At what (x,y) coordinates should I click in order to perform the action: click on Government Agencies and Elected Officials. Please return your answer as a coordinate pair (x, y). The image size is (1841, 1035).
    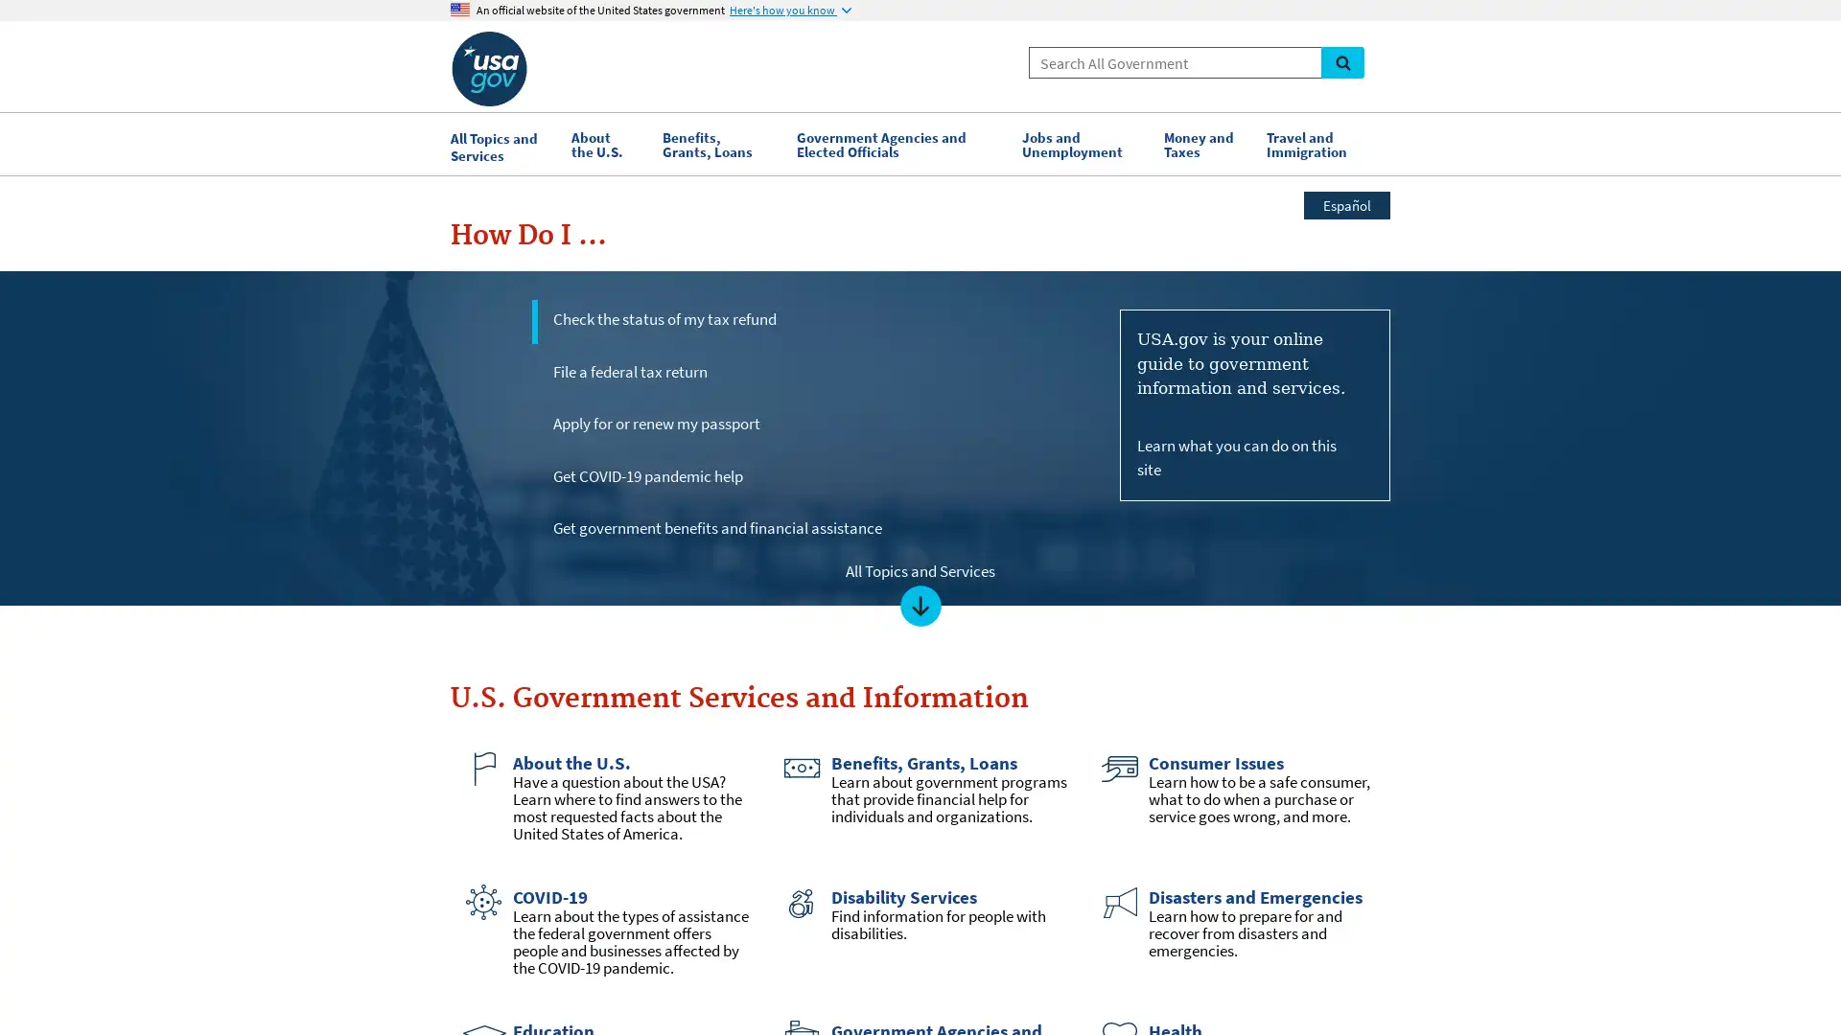
    Looking at the image, I should click on (897, 143).